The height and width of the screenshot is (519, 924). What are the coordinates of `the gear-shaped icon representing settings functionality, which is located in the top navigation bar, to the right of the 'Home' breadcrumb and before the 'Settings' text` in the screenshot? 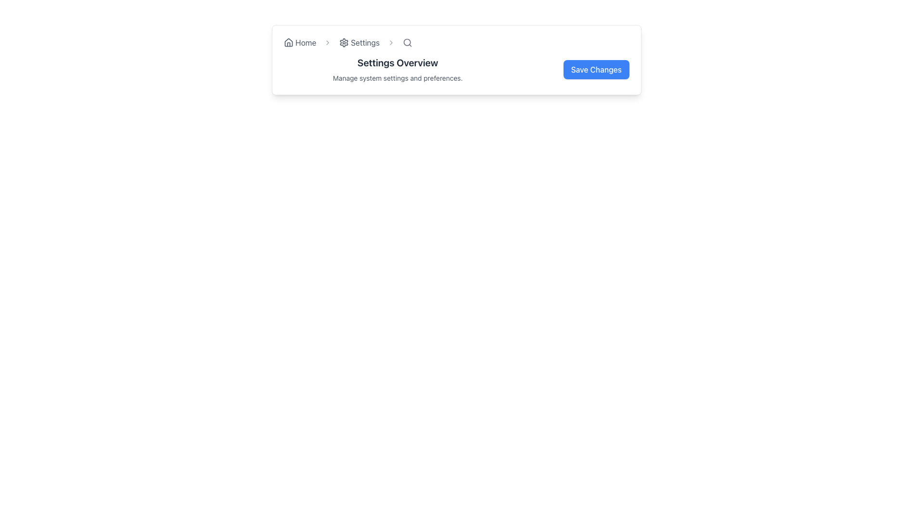 It's located at (344, 42).